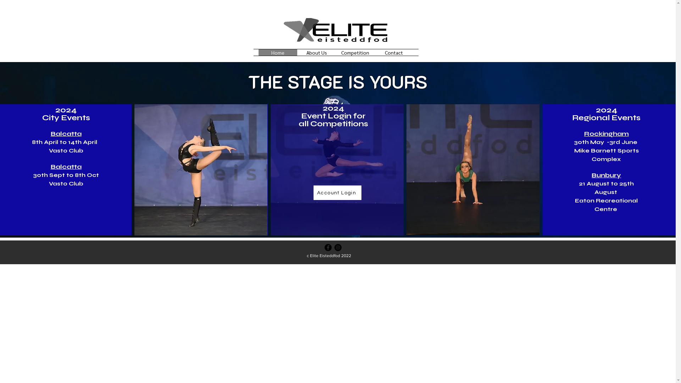  I want to click on 'Home', so click(258, 52).